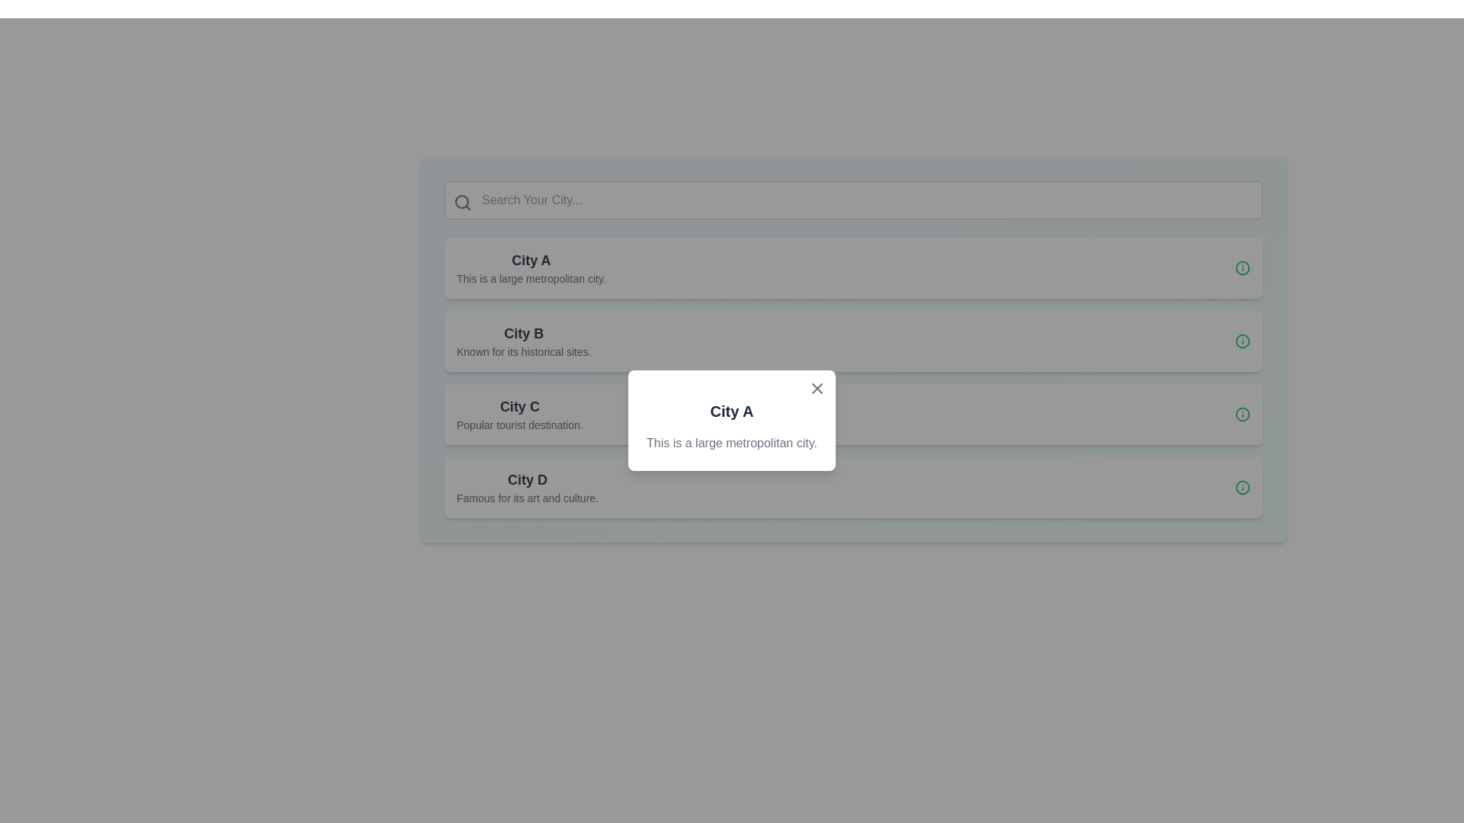 Image resolution: width=1464 pixels, height=823 pixels. Describe the element at coordinates (531, 260) in the screenshot. I see `the static text label displaying 'City A', which serves as the title or identifier for additional information` at that location.